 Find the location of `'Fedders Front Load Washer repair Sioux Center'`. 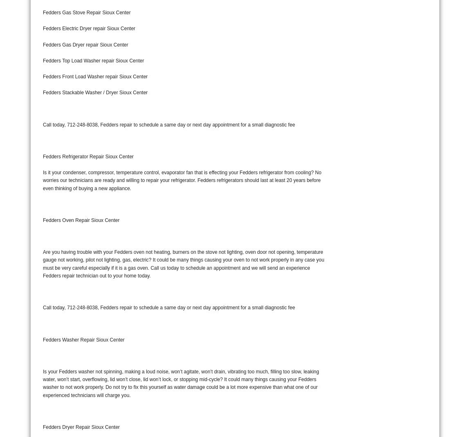

'Fedders Front Load Washer repair Sioux Center' is located at coordinates (42, 76).